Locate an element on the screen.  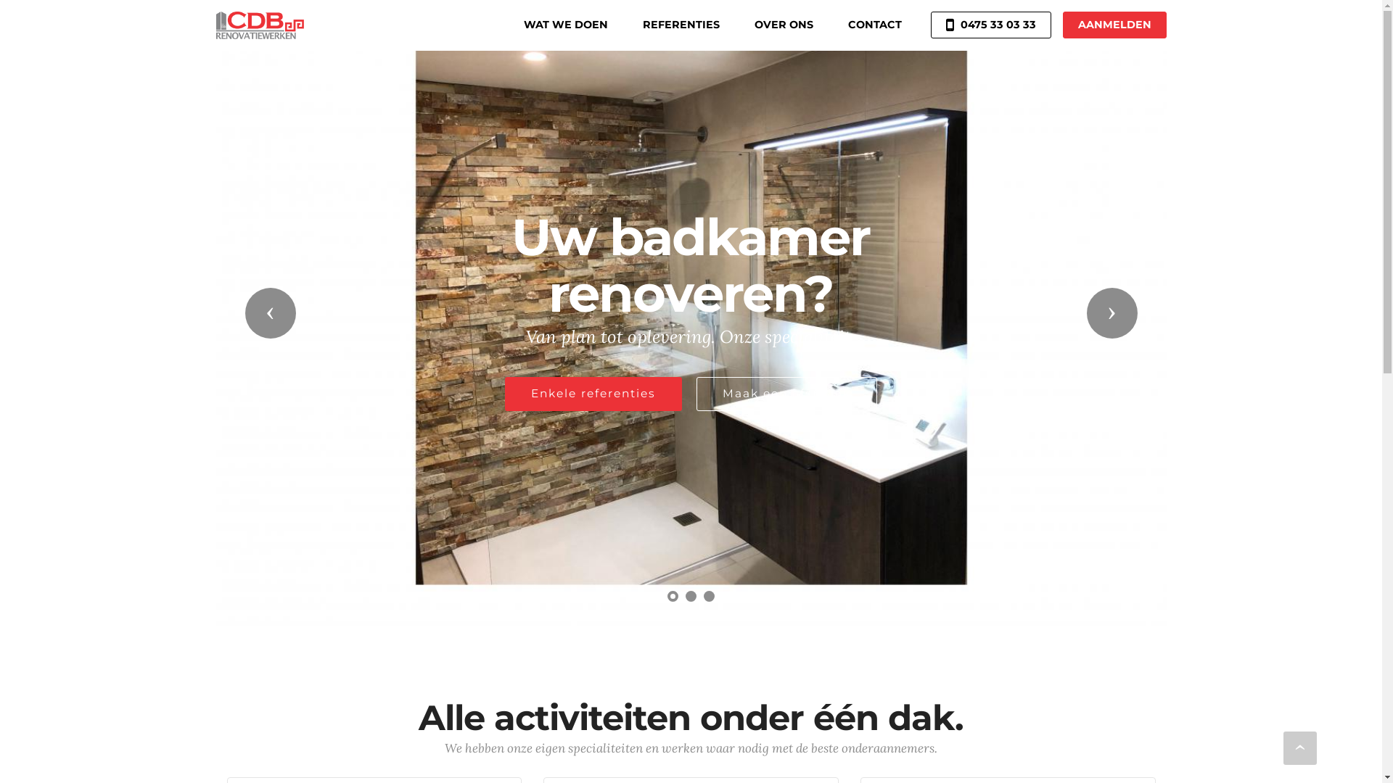
'REFERENTIES' is located at coordinates (681, 25).